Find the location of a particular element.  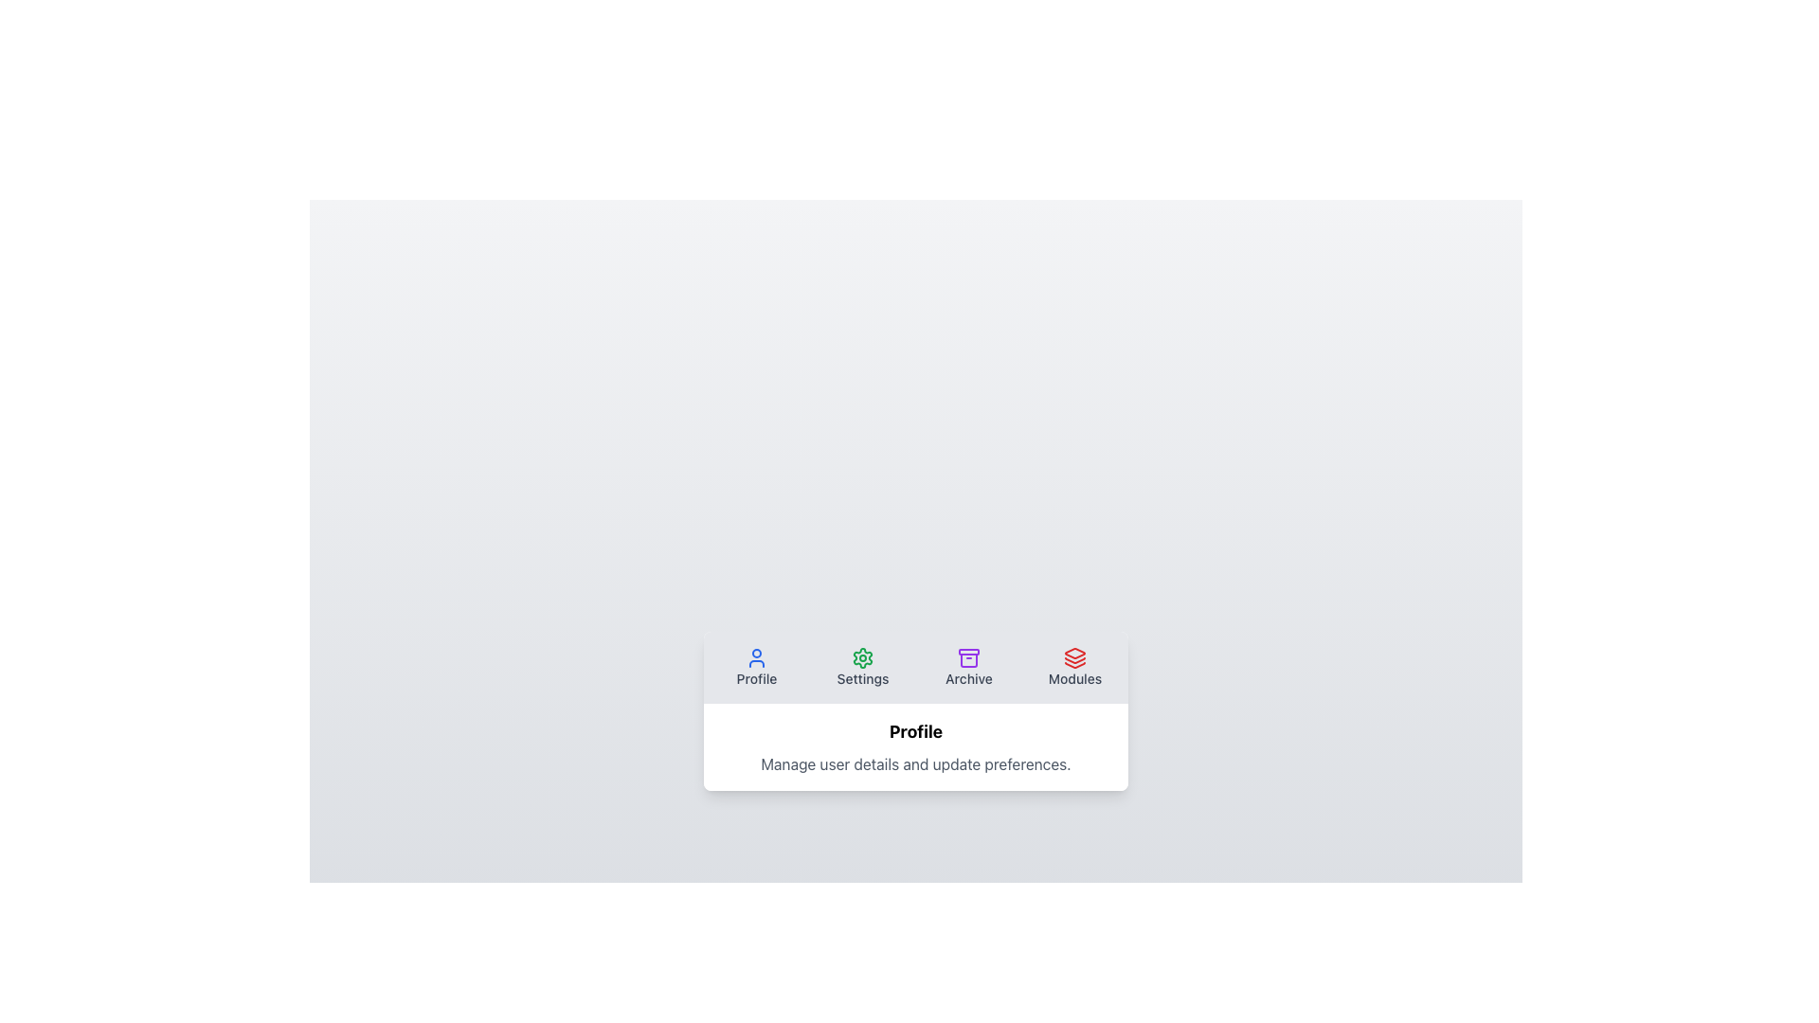

the text label displaying 'Archive', which is styled in a dark color and positioned directly beneath the archive icon, indicating storage functionality is located at coordinates (968, 678).